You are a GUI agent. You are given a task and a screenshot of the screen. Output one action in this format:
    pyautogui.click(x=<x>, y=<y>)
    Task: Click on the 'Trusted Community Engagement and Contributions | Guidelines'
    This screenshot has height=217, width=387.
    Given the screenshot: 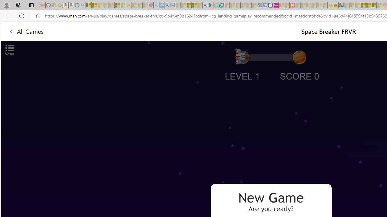 What is the action you would take?
    pyautogui.click(x=298, y=5)
    